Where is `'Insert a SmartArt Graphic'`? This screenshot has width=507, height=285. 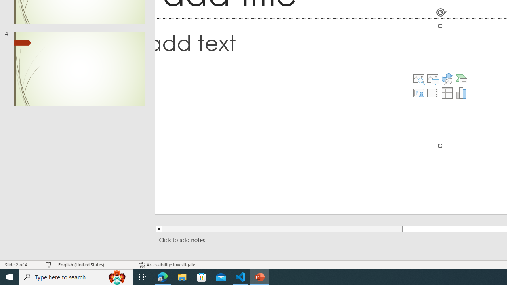
'Insert a SmartArt Graphic' is located at coordinates (461, 79).